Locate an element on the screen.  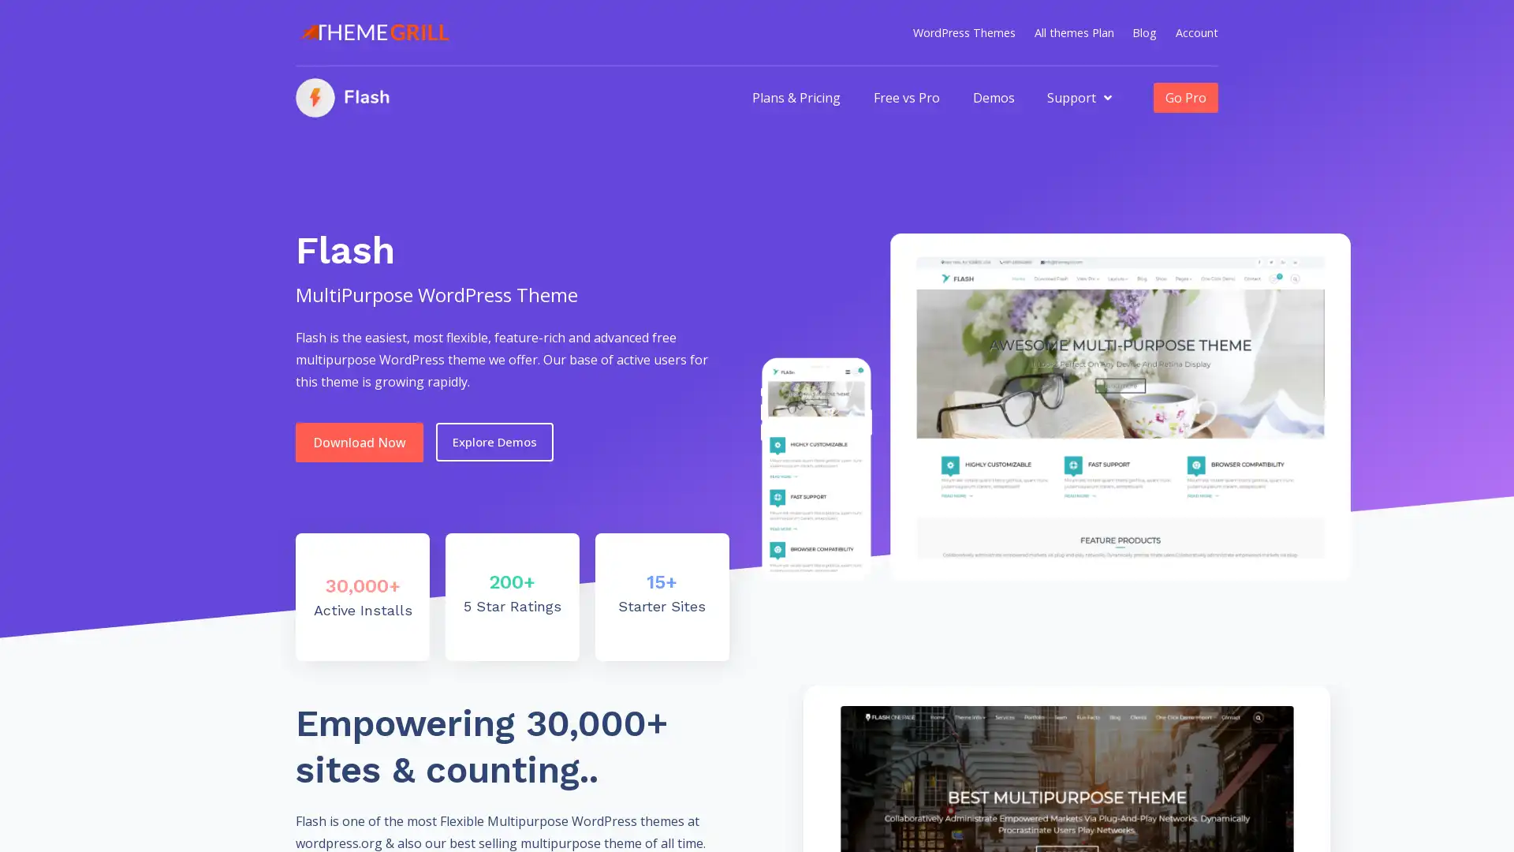
Questions? Chat with us! Support is online. Chat with ThemeGrill Team is located at coordinates (1471, 812).